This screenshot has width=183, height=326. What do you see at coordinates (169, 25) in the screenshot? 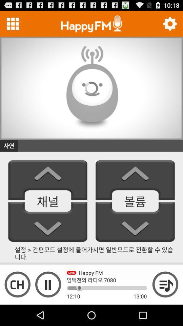
I see `the settings icon` at bounding box center [169, 25].